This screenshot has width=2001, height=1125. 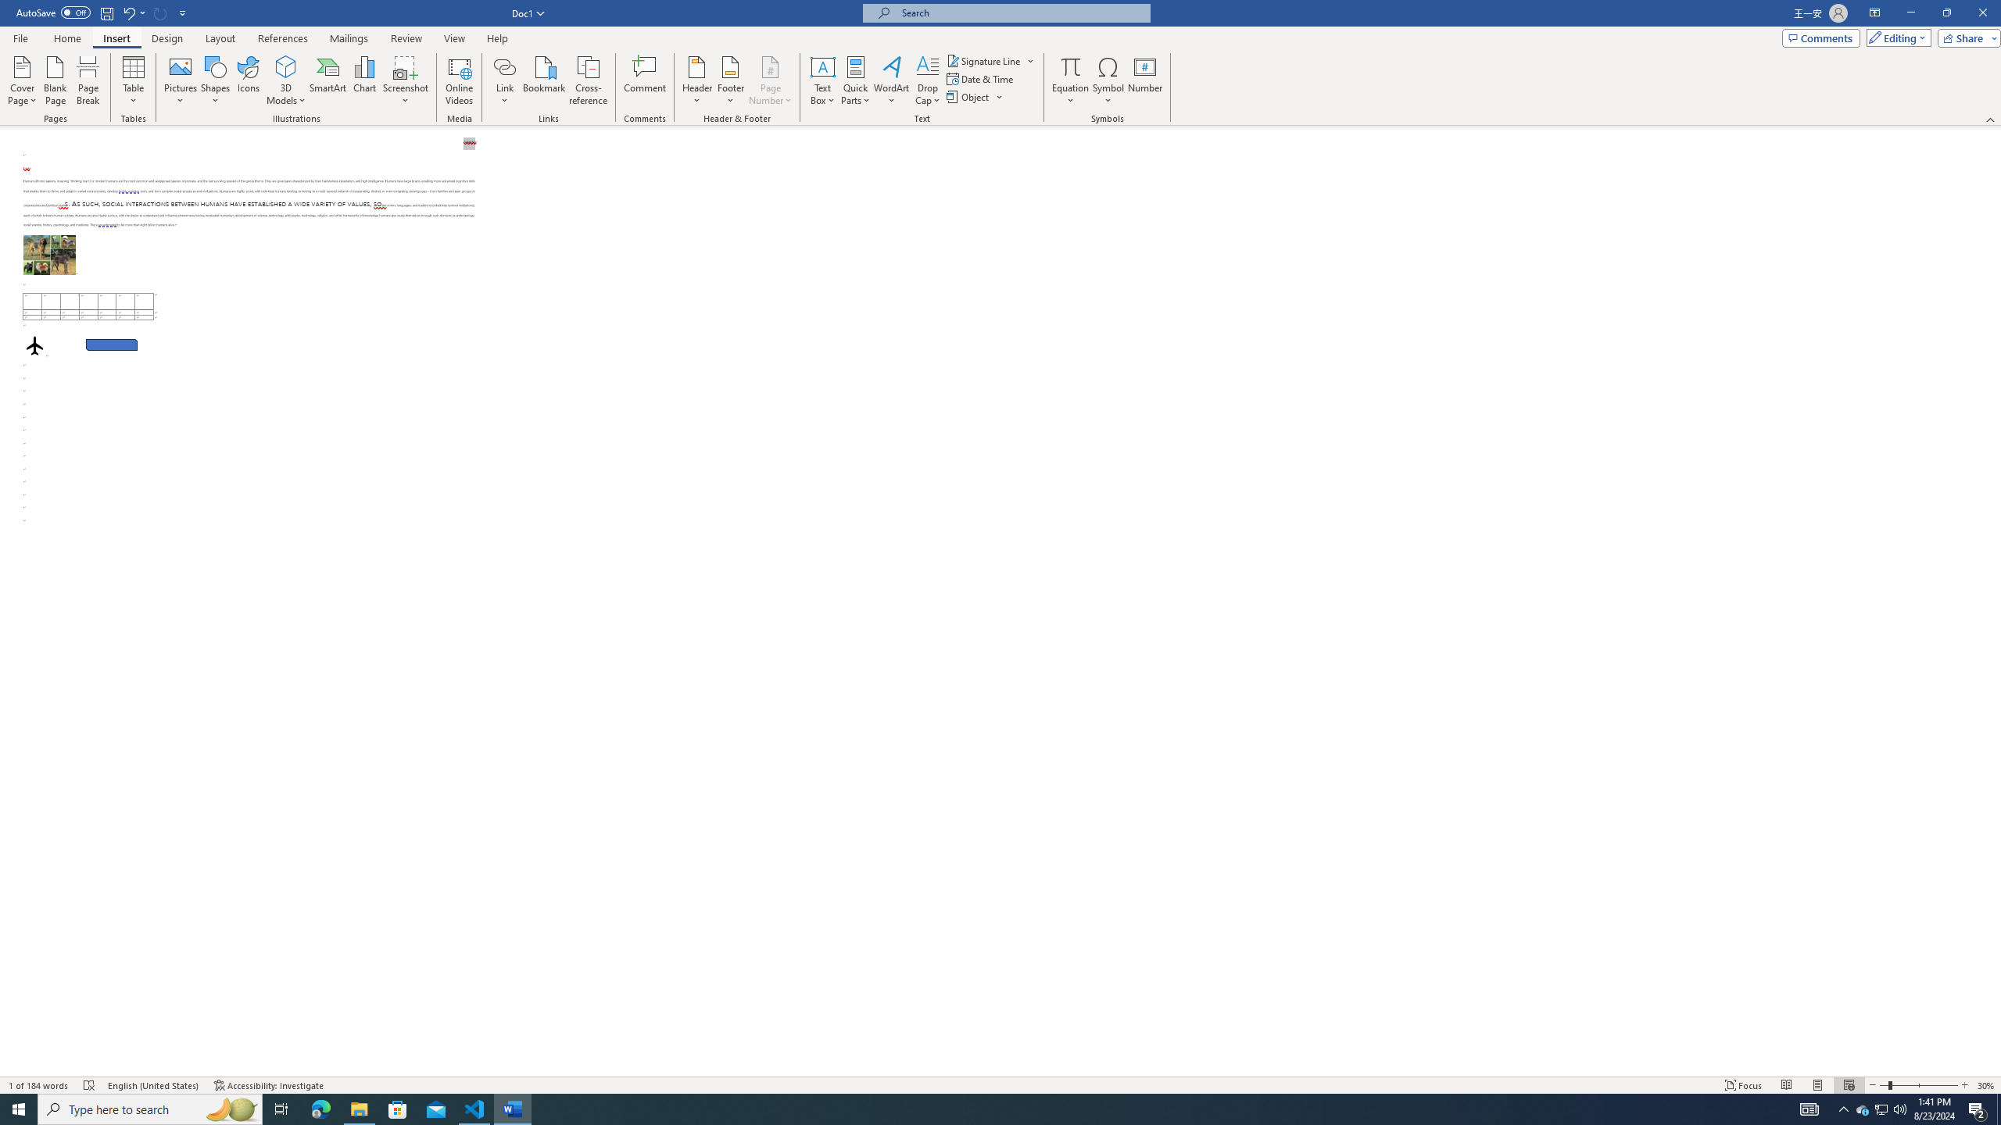 What do you see at coordinates (1108, 80) in the screenshot?
I see `'Symbol'` at bounding box center [1108, 80].